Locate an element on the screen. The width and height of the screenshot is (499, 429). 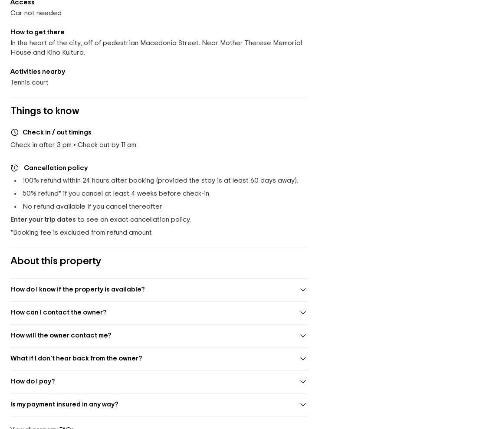
'About this property' is located at coordinates (55, 261).